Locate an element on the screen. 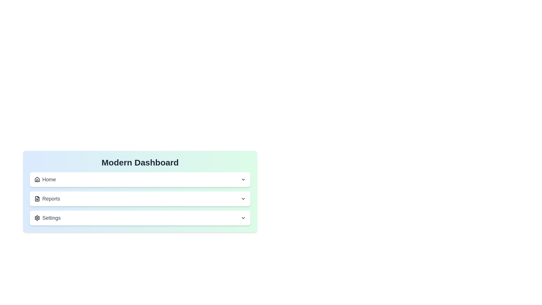  the 'Home' button with a house icon is located at coordinates (45, 180).